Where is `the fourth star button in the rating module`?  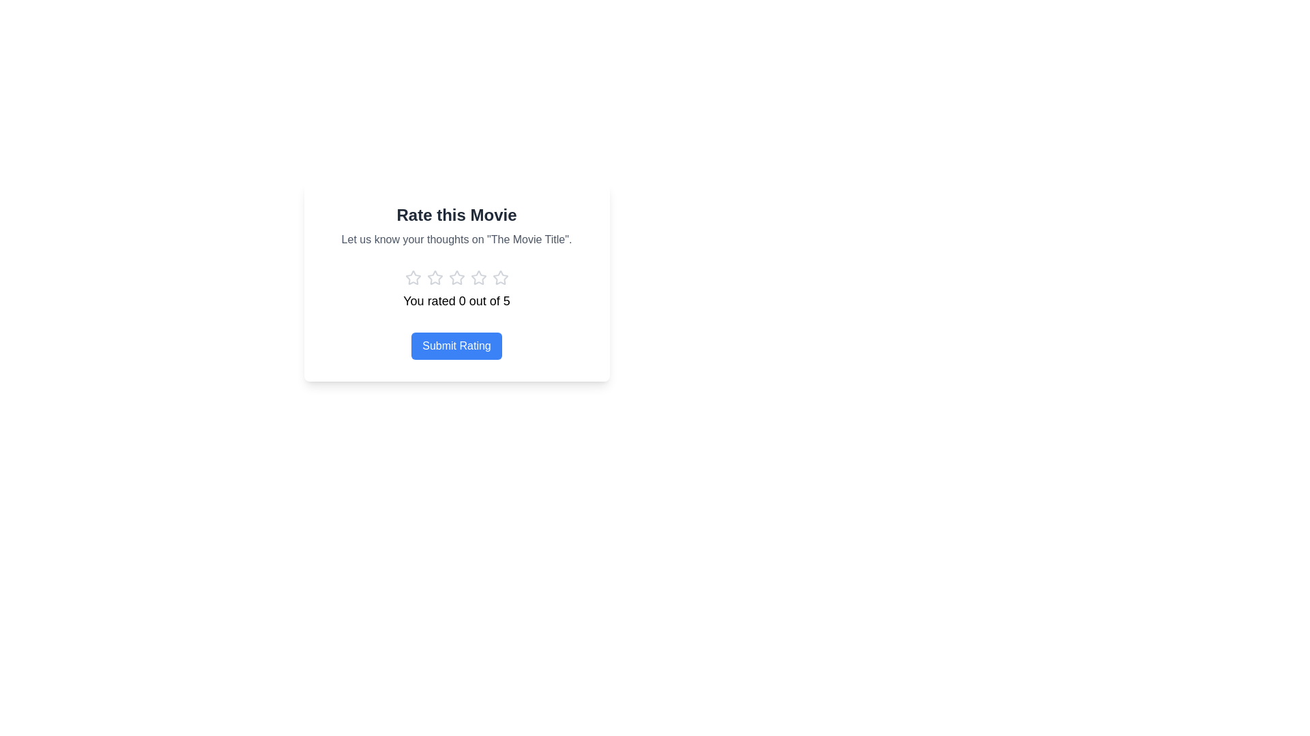
the fourth star button in the rating module is located at coordinates (499, 277).